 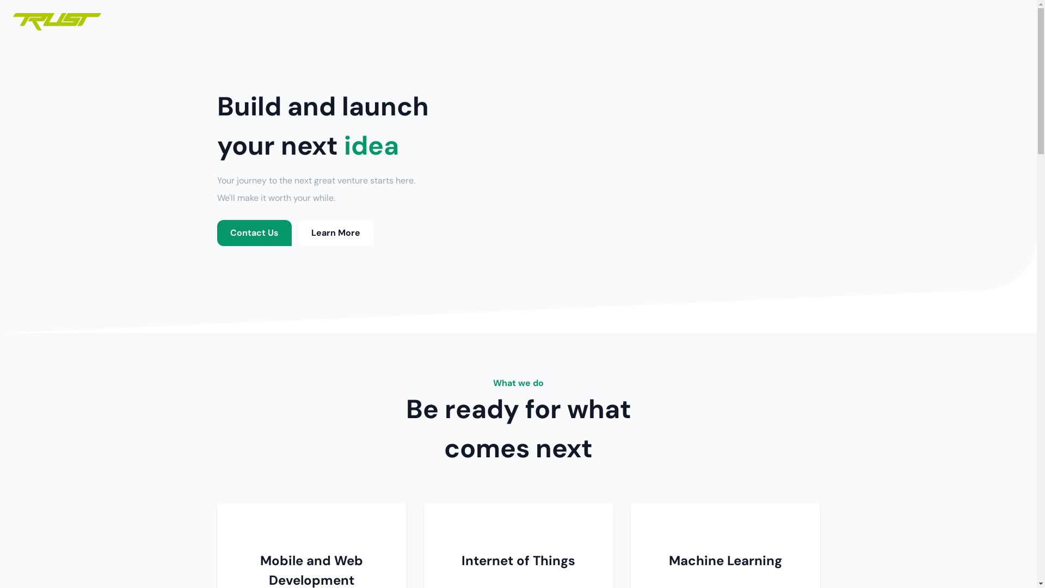 I want to click on 'Learn More', so click(x=298, y=232).